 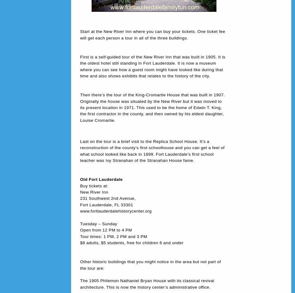 I want to click on 'Last on the tour is a brief visit to the Replica School House. It’s a reconstruction of the county’s first schoolhouse and you can get a feel of what school looked like back in 1899. Fort Lauderdale’s first school teacher was Ivy Stranahan of the Stranahan House fame.', so click(x=152, y=150).